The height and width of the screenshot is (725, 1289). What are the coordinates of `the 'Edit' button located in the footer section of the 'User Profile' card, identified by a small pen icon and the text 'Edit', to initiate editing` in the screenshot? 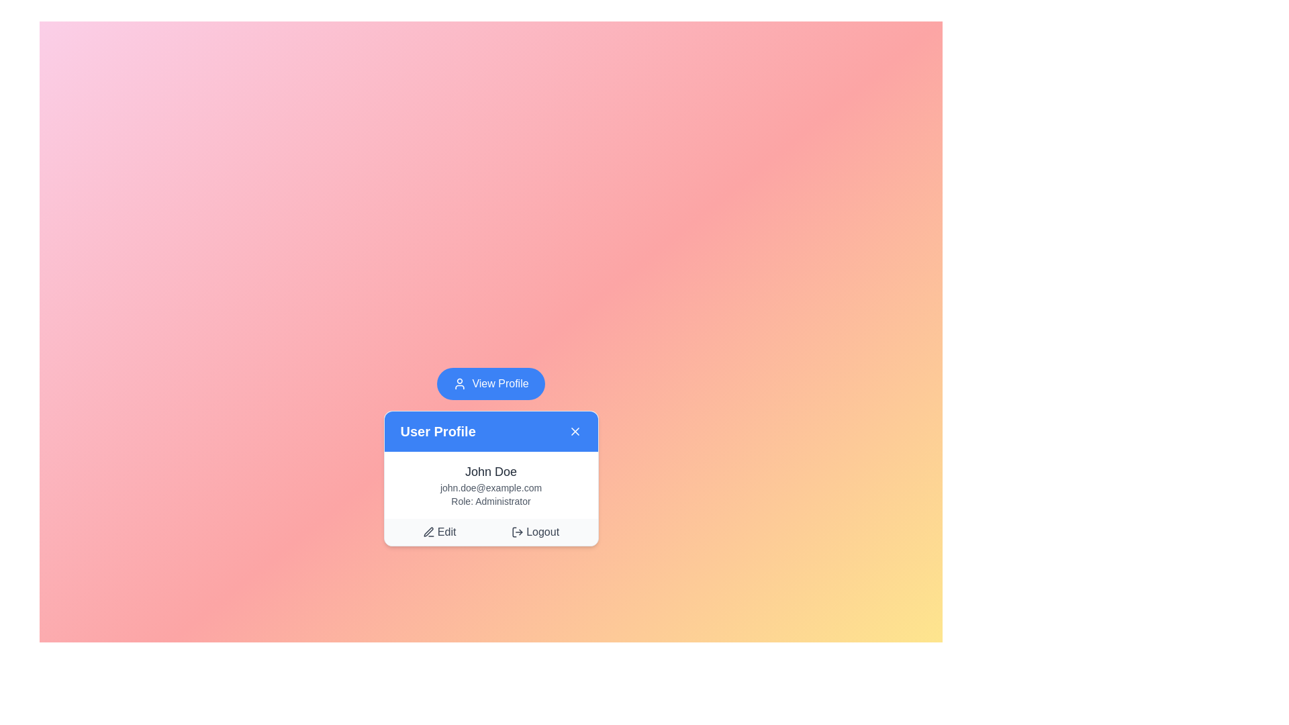 It's located at (439, 532).